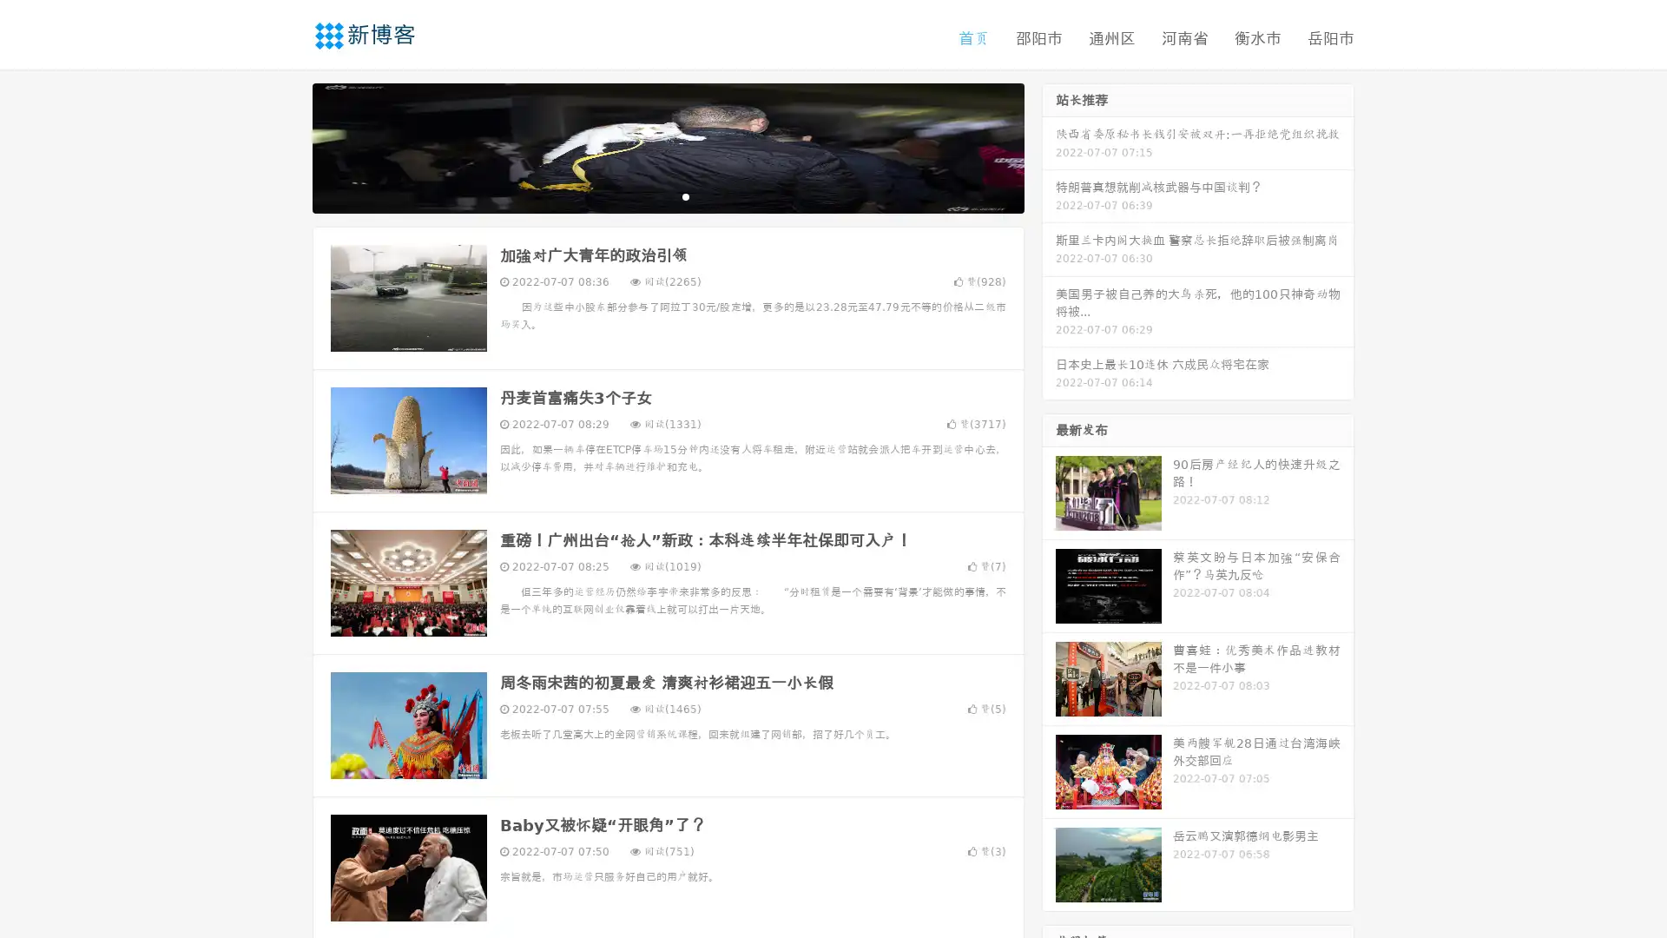 Image resolution: width=1667 pixels, height=938 pixels. I want to click on Go to slide 3, so click(685, 195).